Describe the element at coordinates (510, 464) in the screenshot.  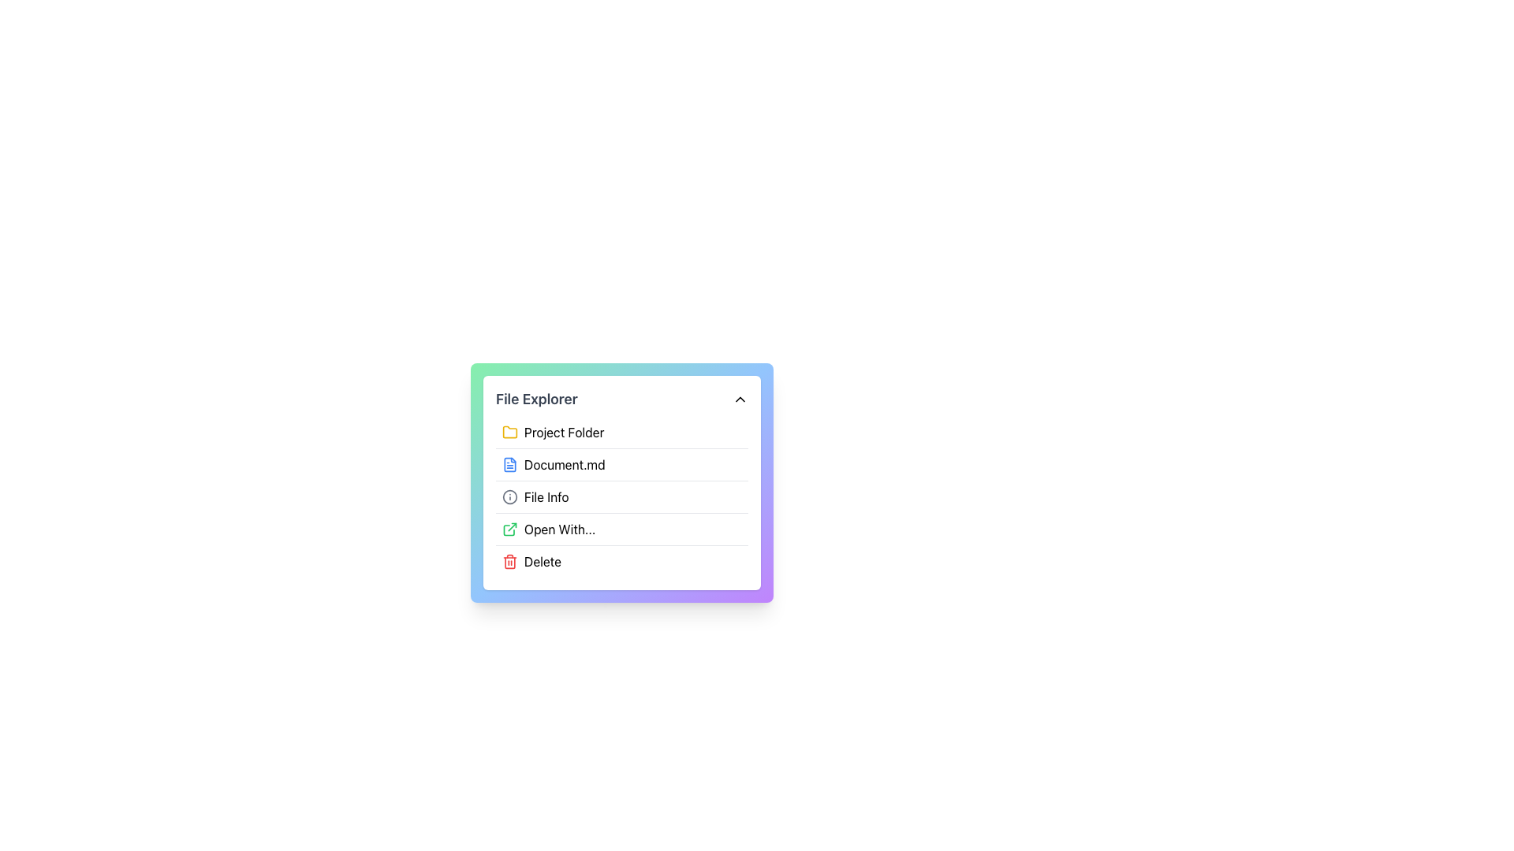
I see `the document or file icon located below the 'Document.md' label, which has a folded upper-right corner and is the leftmost among similar icons` at that location.